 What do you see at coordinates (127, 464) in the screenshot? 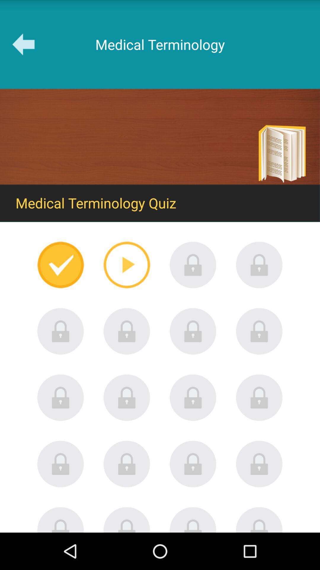
I see `unlock locked item` at bounding box center [127, 464].